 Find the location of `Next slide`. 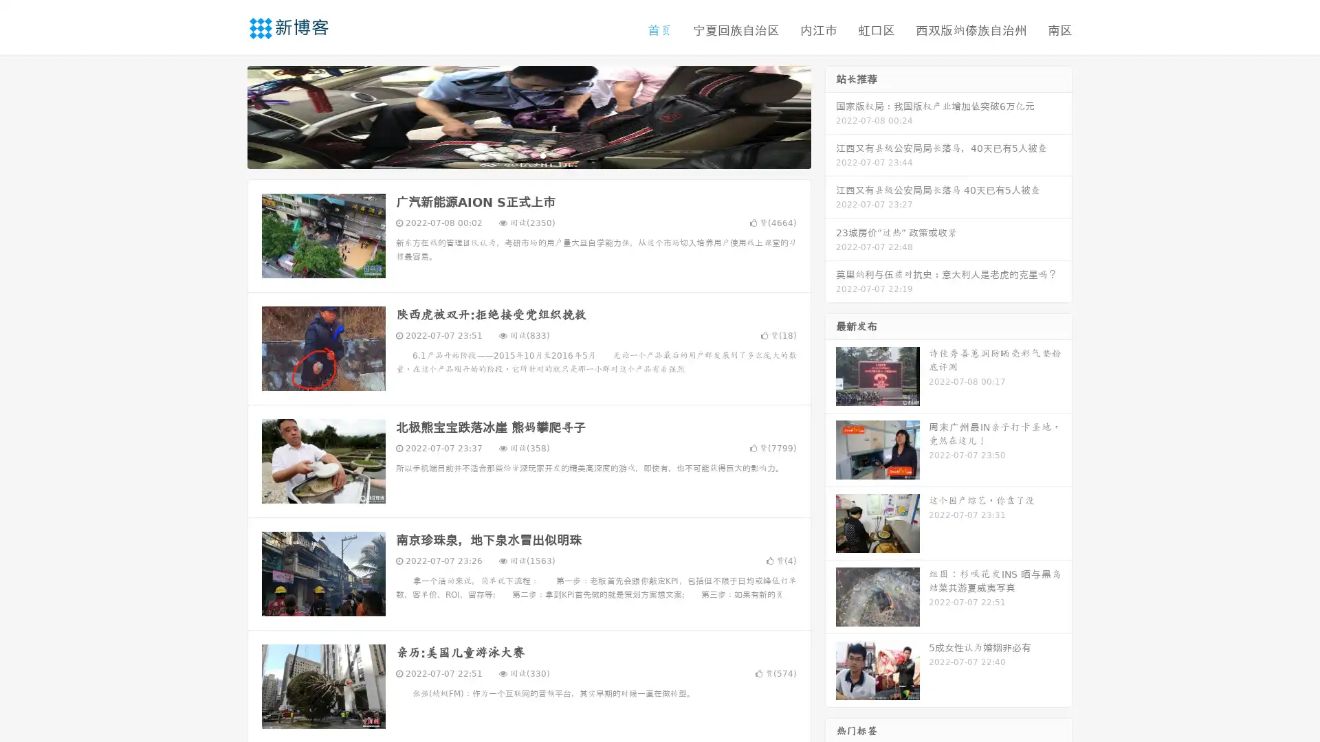

Next slide is located at coordinates (830, 115).